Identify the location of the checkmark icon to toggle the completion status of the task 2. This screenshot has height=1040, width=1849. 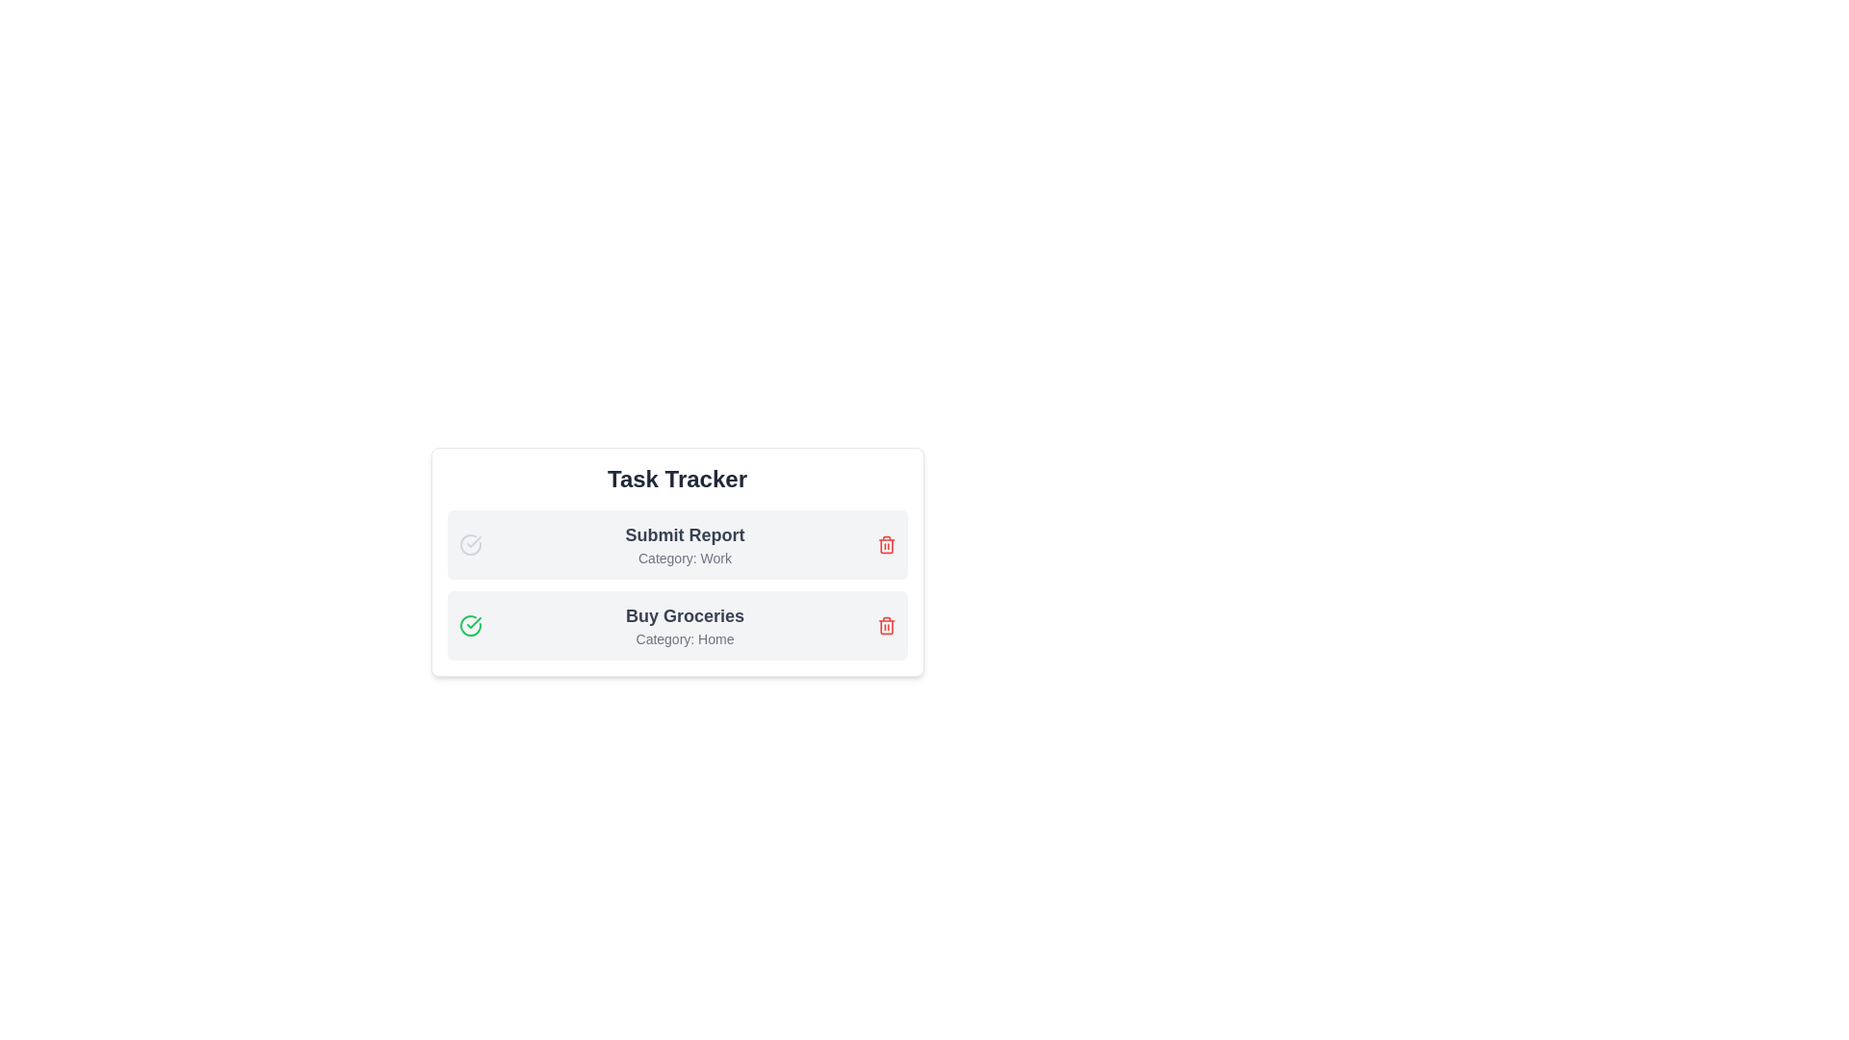
(470, 626).